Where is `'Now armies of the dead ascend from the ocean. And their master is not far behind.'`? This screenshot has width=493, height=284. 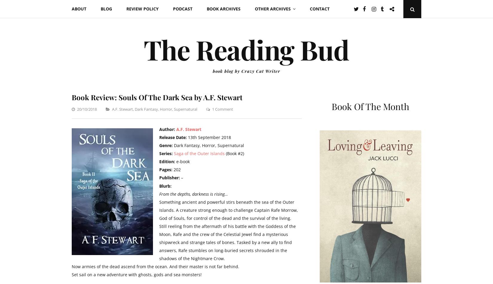 'Now armies of the dead ascend from the ocean. And their master is not far behind.' is located at coordinates (155, 266).